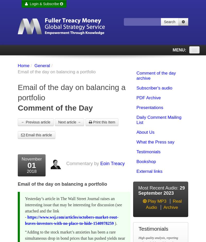 The width and height of the screenshot is (206, 242). What do you see at coordinates (163, 204) in the screenshot?
I see `'Real Audio'` at bounding box center [163, 204].